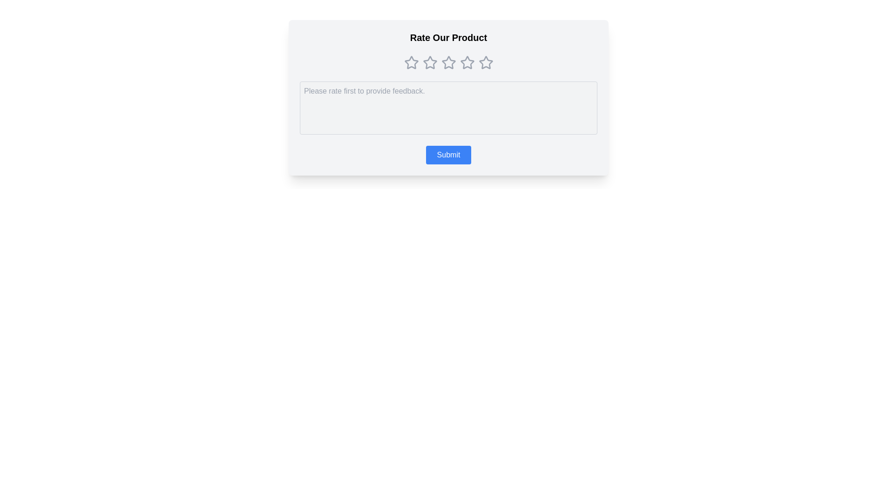 The width and height of the screenshot is (894, 503). Describe the element at coordinates (448, 62) in the screenshot. I see `the third star in a horizontal row of five stars` at that location.